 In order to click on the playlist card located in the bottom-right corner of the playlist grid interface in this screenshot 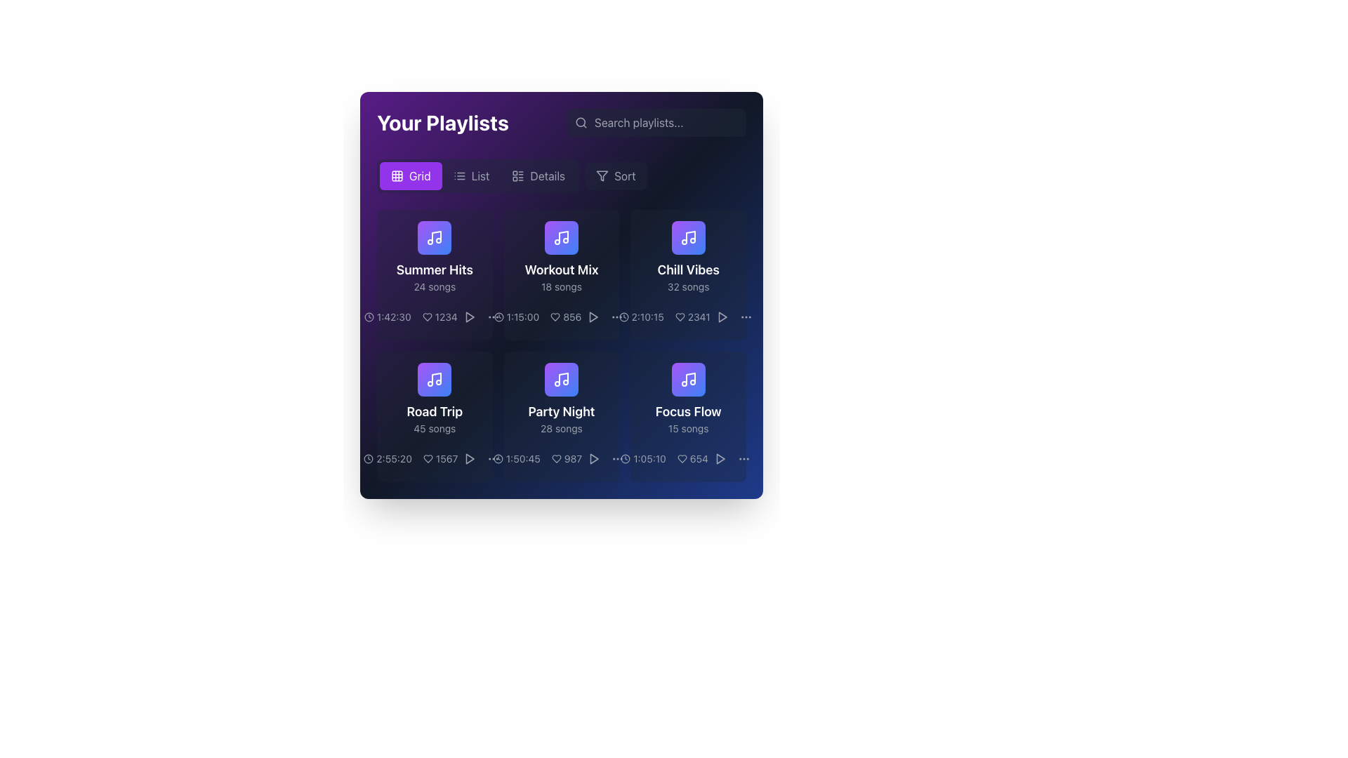, I will do `click(688, 416)`.